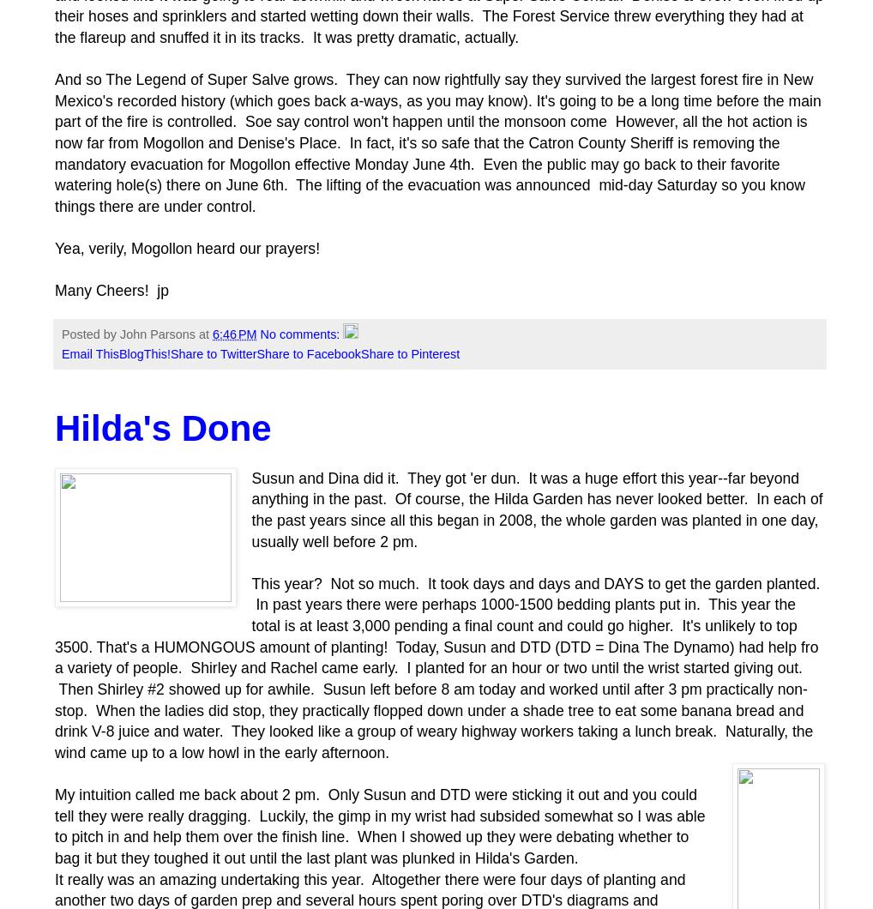 Image resolution: width=873 pixels, height=909 pixels. Describe the element at coordinates (118, 334) in the screenshot. I see `'John Parsons'` at that location.